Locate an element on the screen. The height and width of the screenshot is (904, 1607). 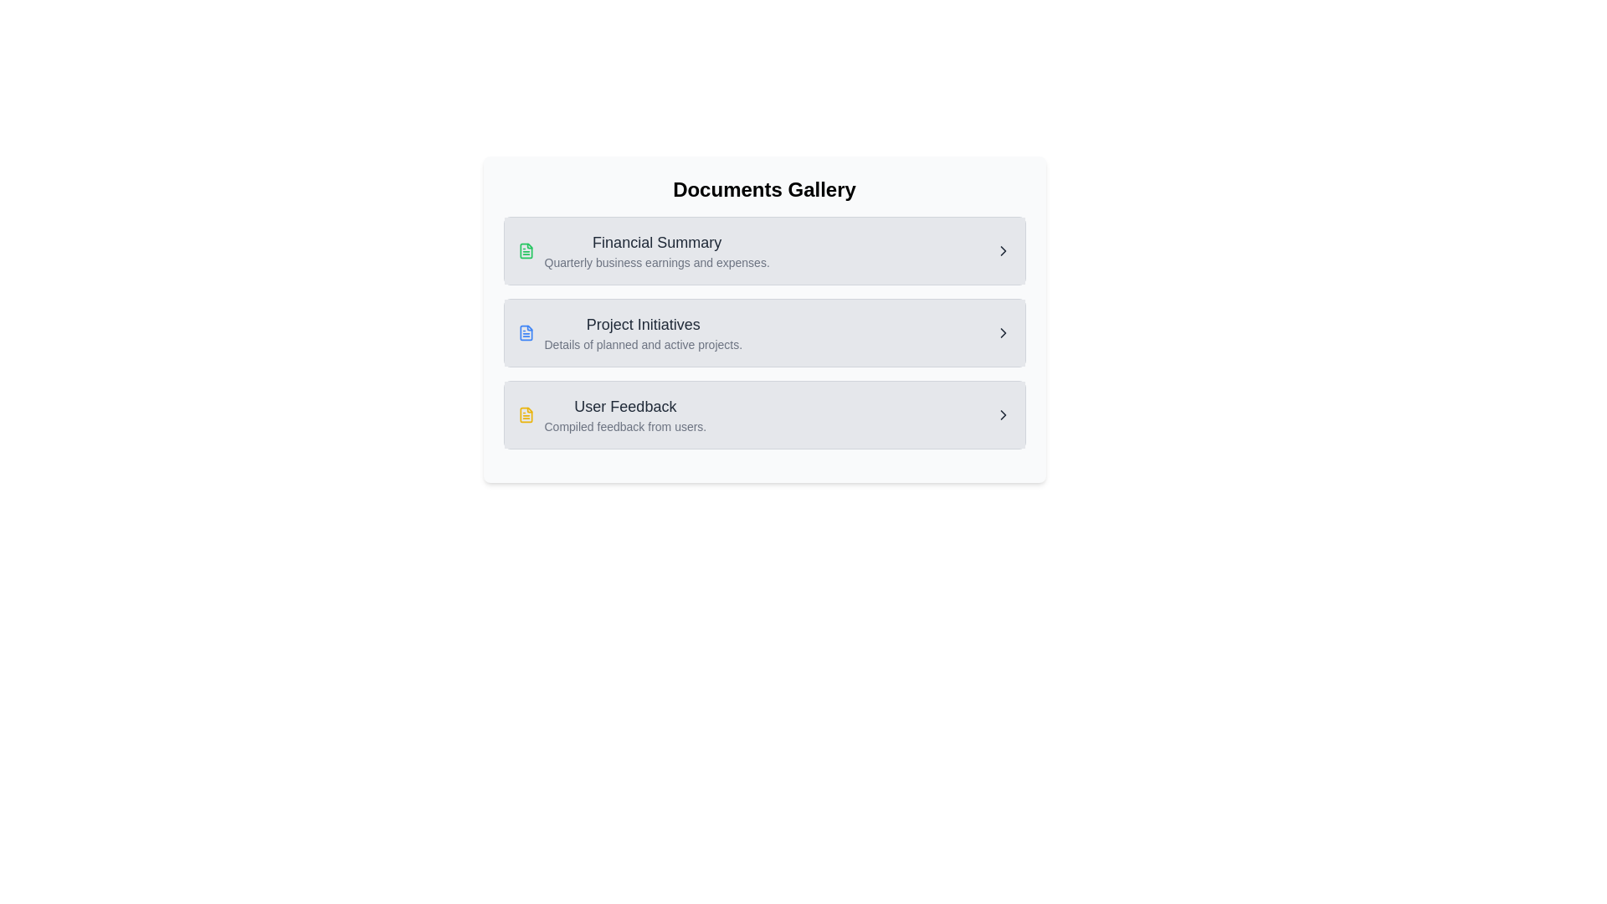
text presented by the third Text element in the vertical list, which serves as a labeled entry point for user feedback in the Documents Gallery interface is located at coordinates (624, 414).